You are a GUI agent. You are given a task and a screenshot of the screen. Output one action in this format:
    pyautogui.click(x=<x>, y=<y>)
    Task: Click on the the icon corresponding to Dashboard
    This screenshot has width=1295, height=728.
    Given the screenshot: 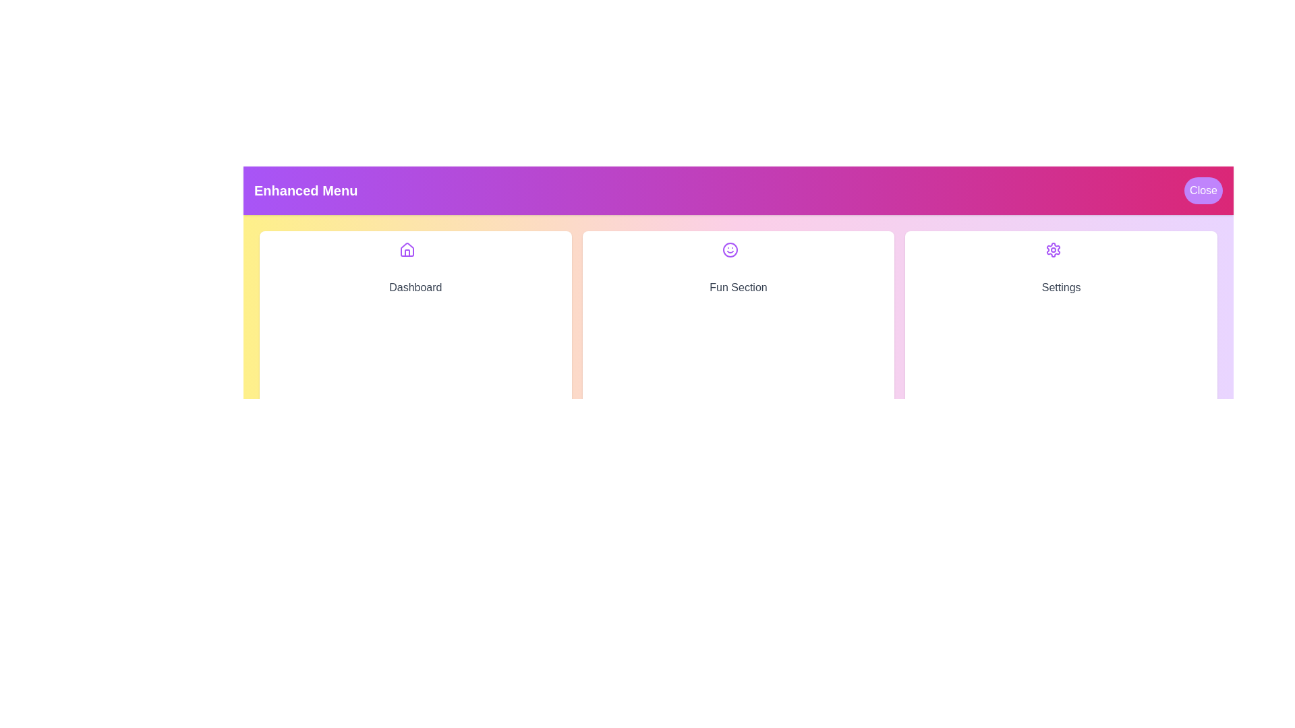 What is the action you would take?
    pyautogui.click(x=415, y=257)
    